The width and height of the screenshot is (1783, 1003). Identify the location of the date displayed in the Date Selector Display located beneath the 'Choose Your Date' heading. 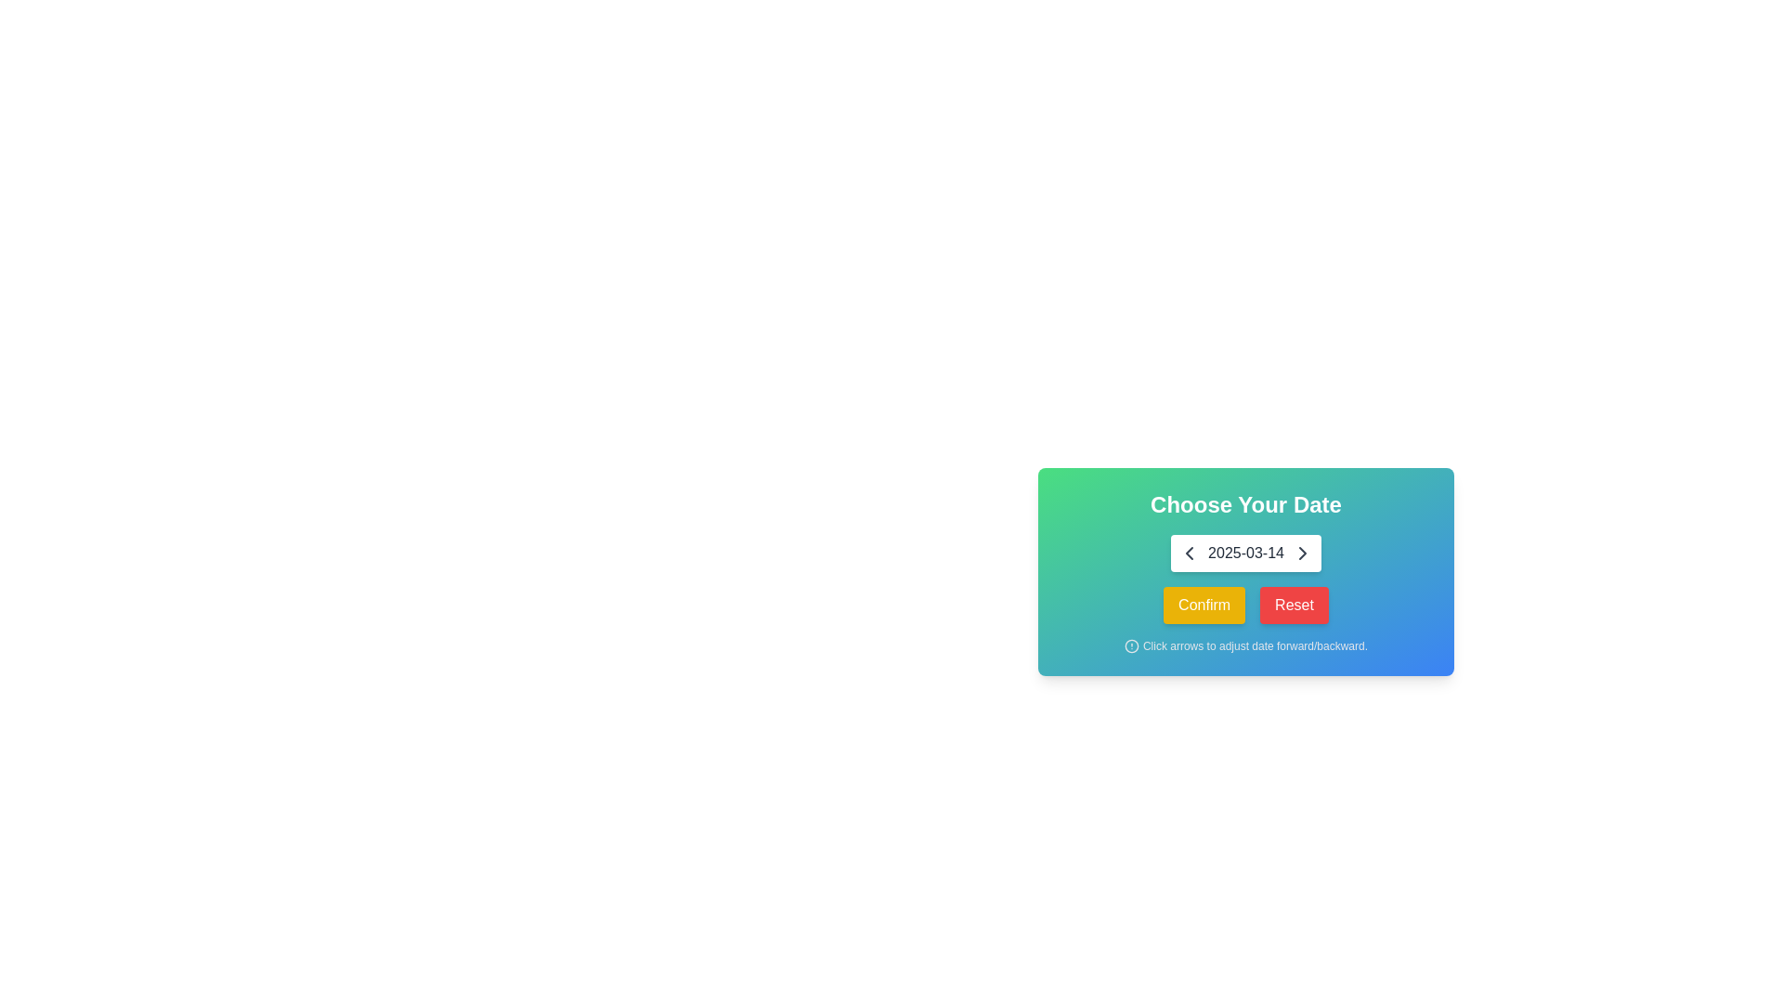
(1246, 553).